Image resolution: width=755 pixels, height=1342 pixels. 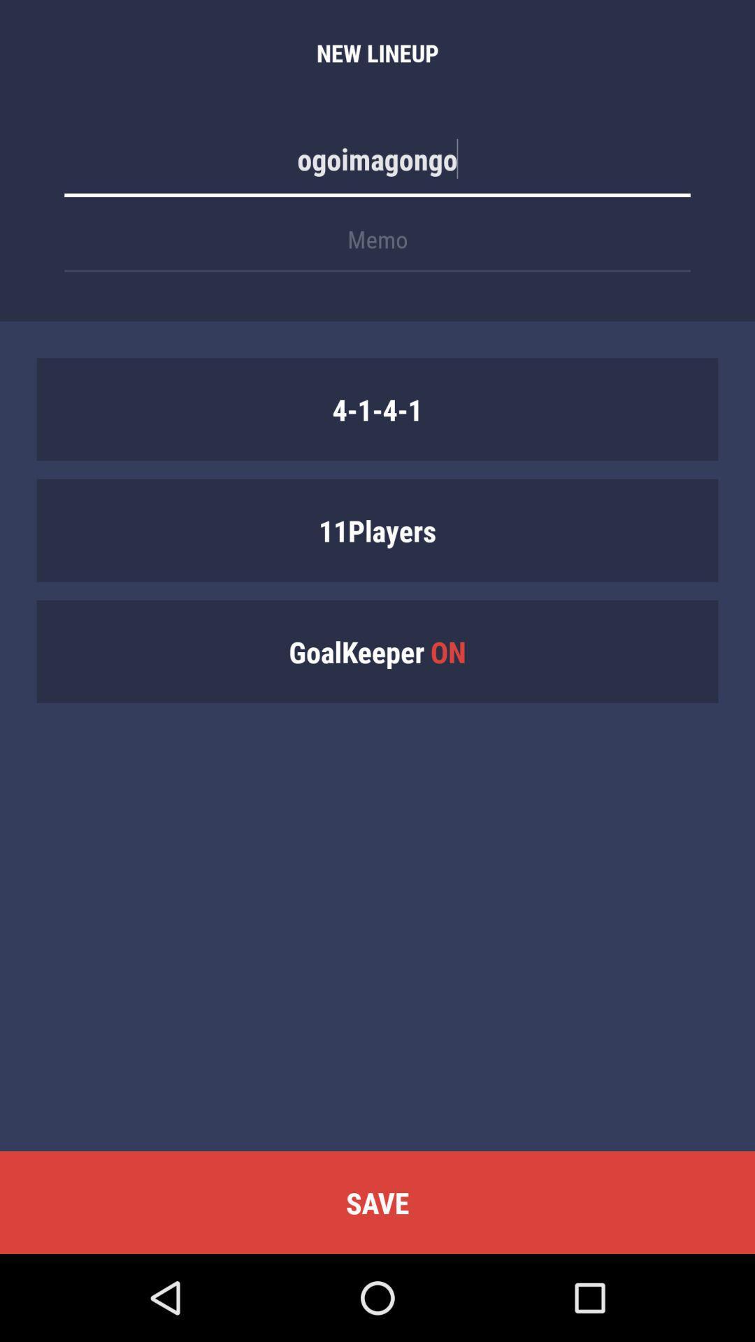 What do you see at coordinates (377, 166) in the screenshot?
I see `item below the new lineup` at bounding box center [377, 166].